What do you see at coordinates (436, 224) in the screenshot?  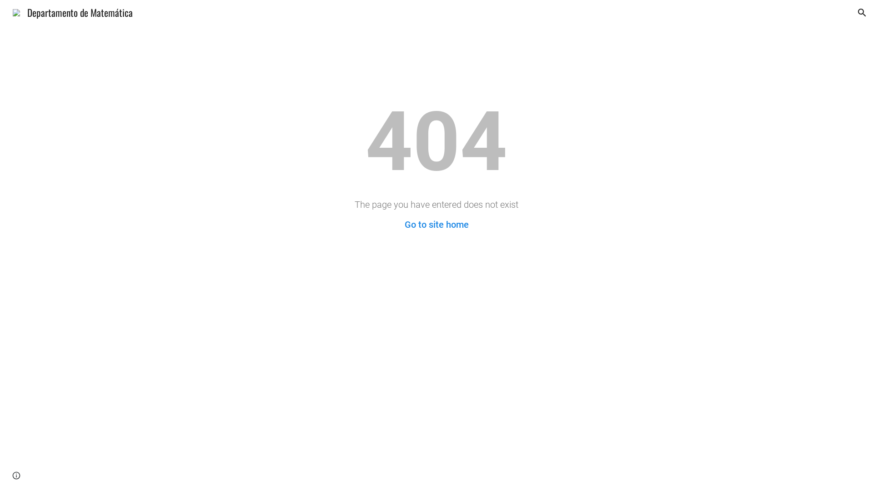 I see `'Go to site home'` at bounding box center [436, 224].